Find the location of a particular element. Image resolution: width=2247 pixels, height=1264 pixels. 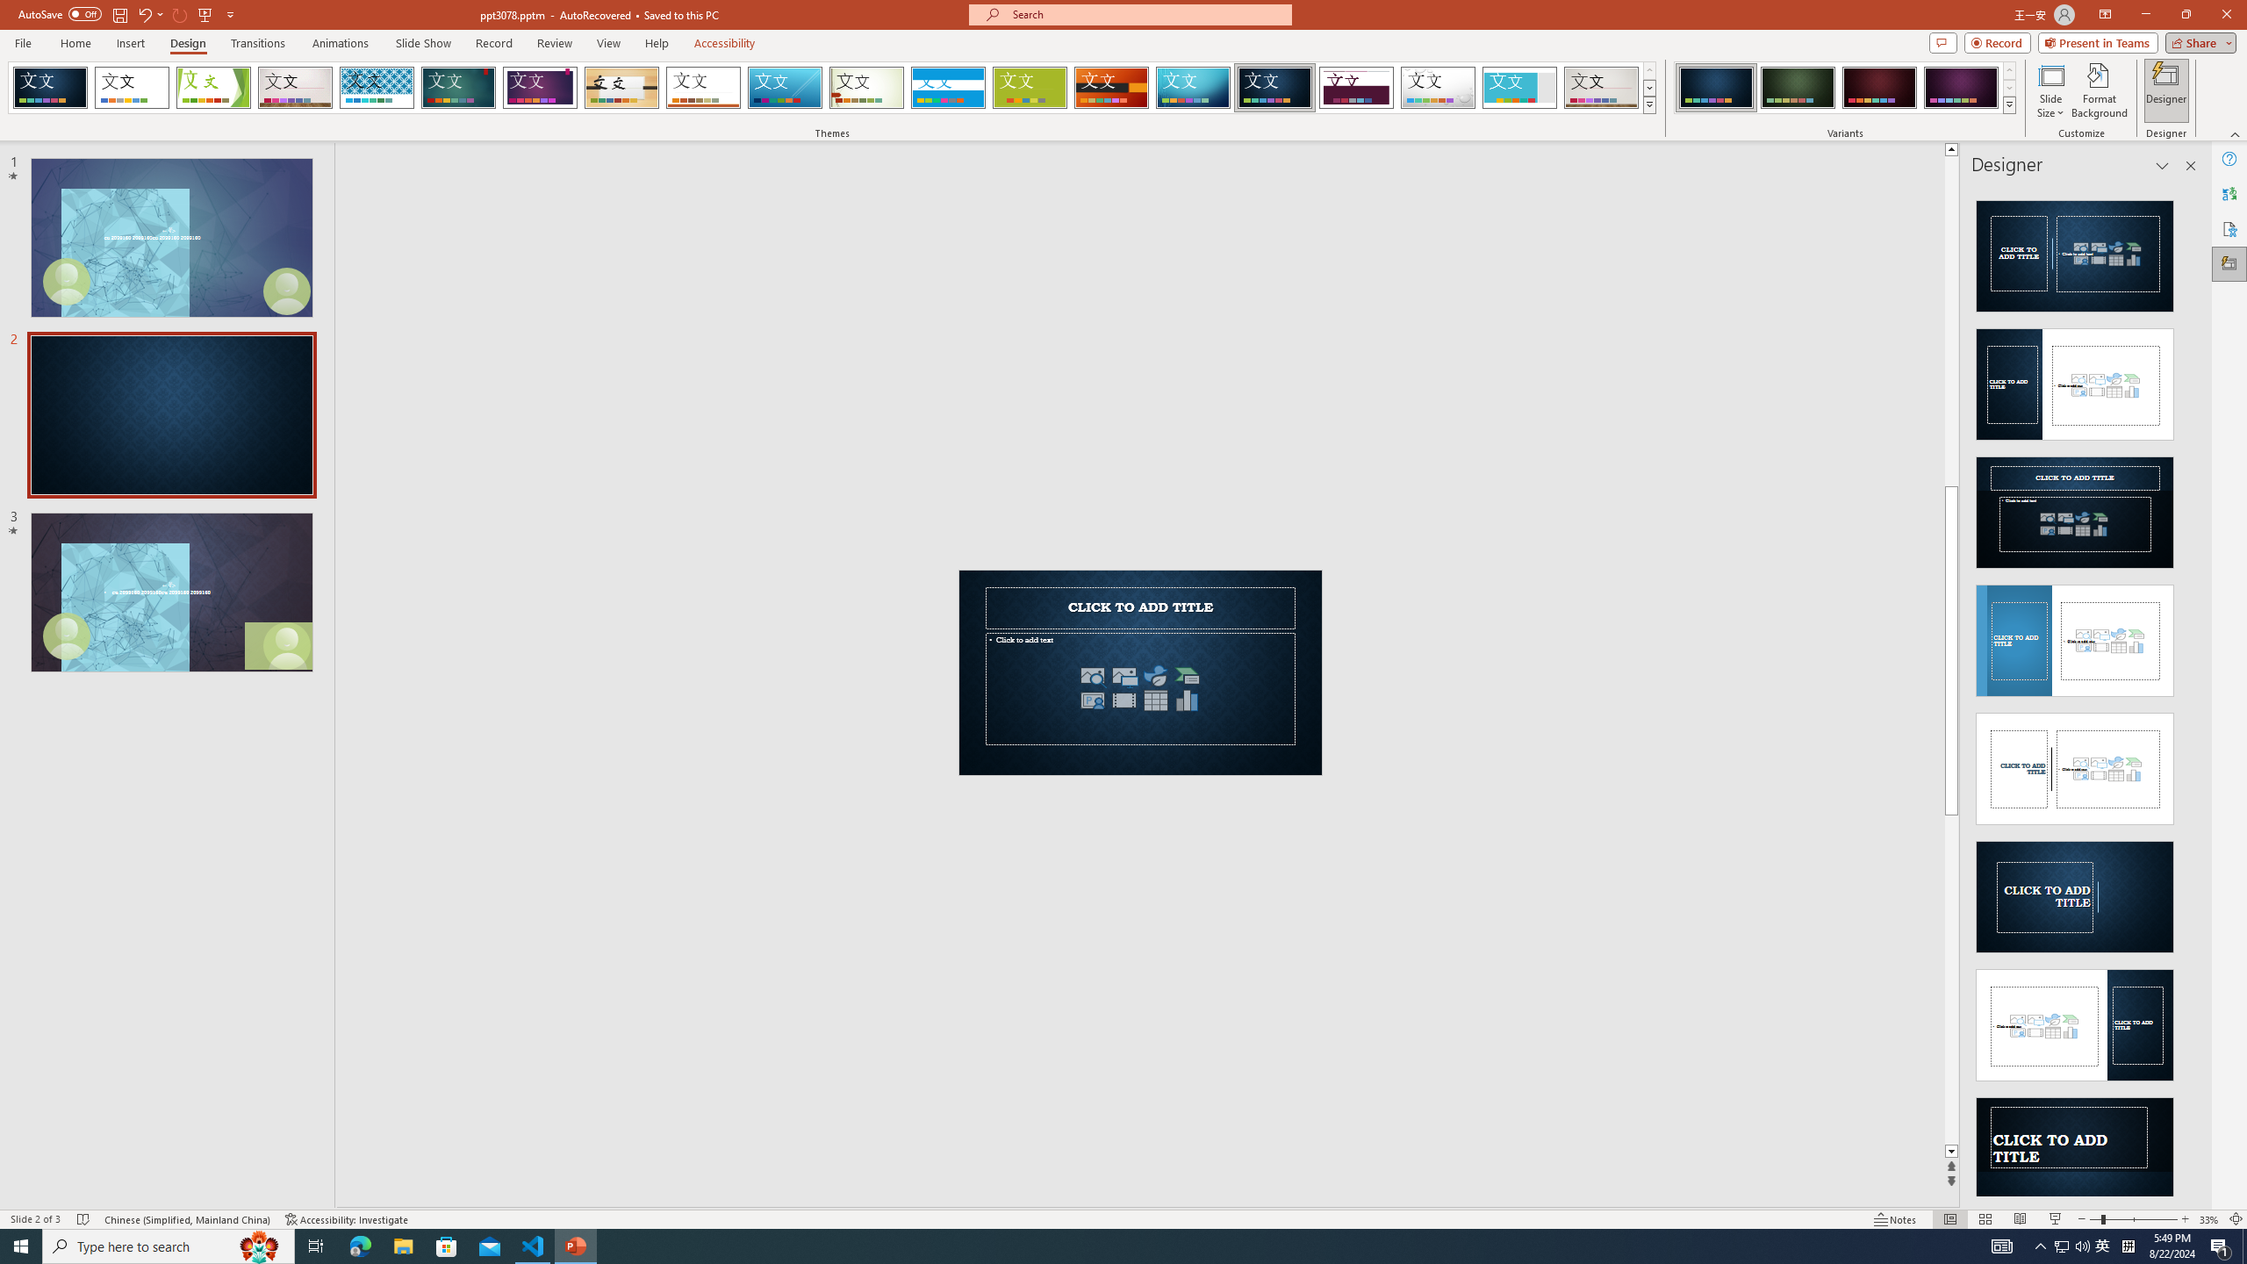

'Insert Chart' is located at coordinates (1187, 699).